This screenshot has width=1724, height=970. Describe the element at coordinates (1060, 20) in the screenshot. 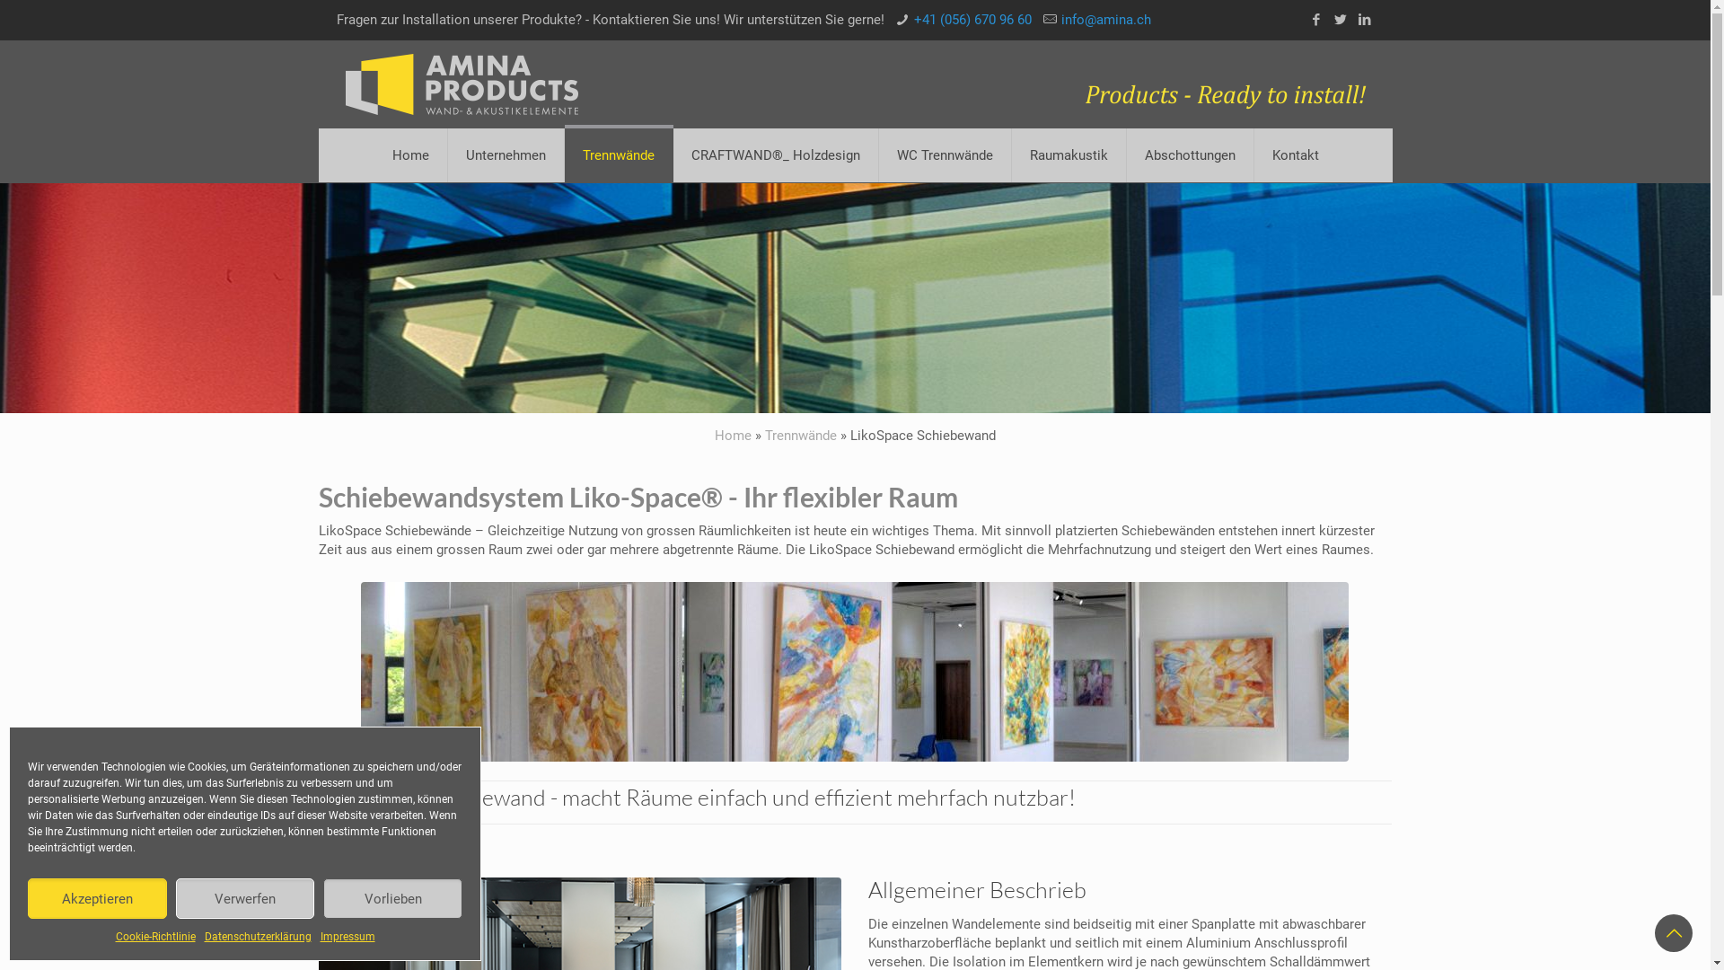

I see `'info@amina.ch'` at that location.